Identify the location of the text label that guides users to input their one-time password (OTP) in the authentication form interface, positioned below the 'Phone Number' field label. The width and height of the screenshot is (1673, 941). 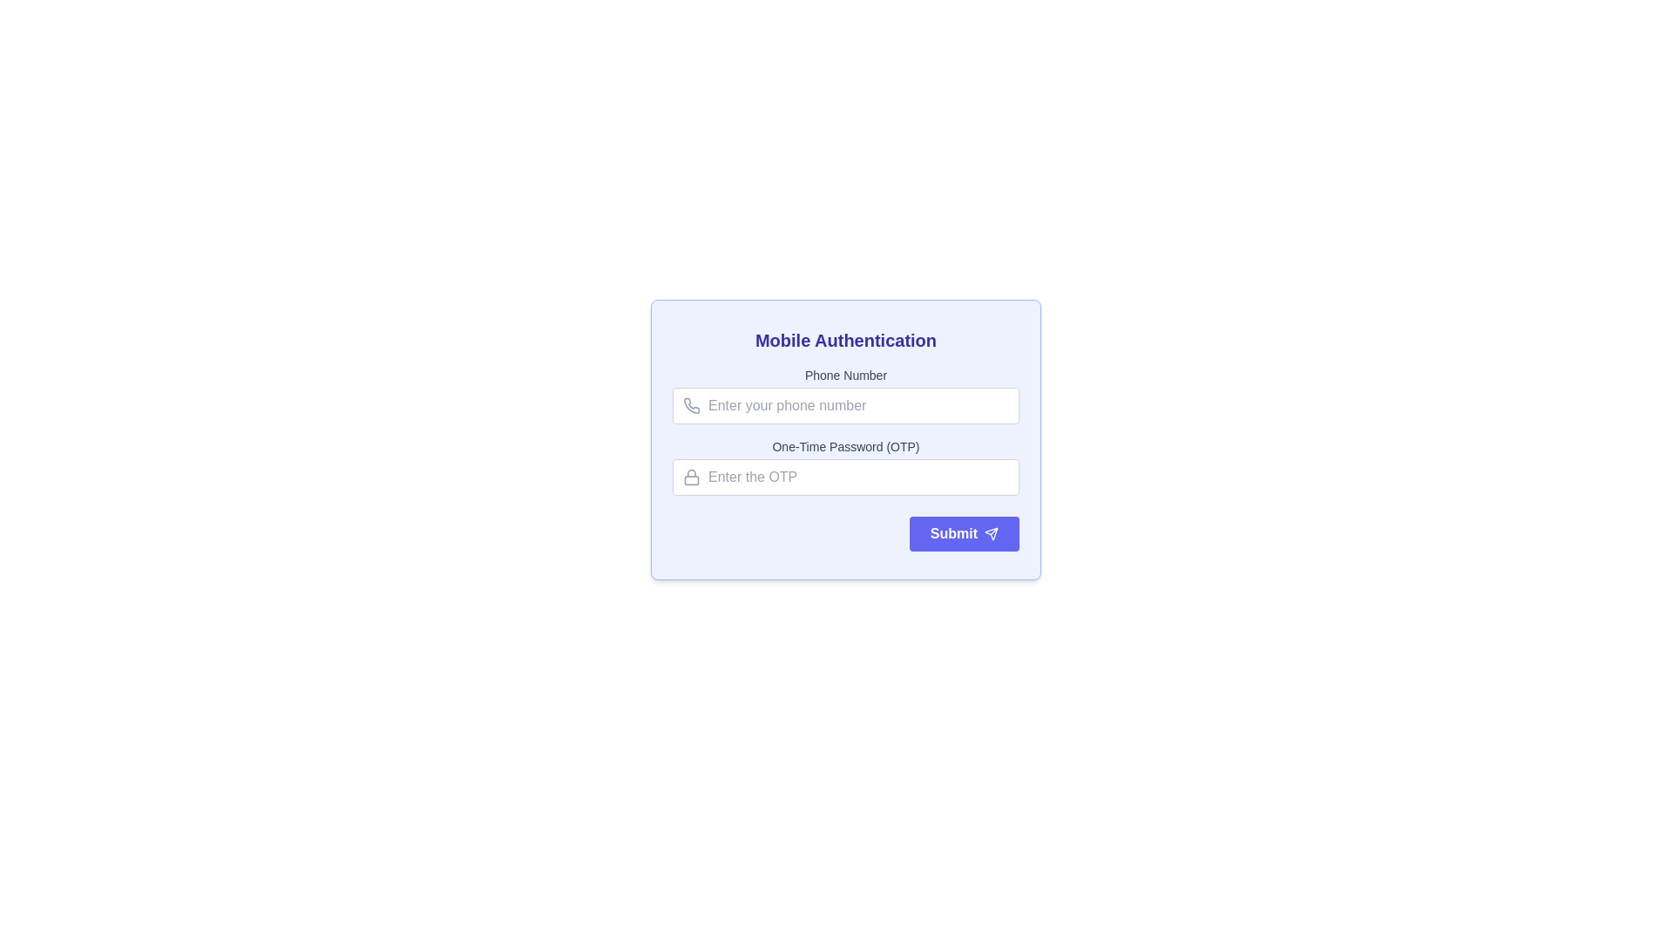
(845, 446).